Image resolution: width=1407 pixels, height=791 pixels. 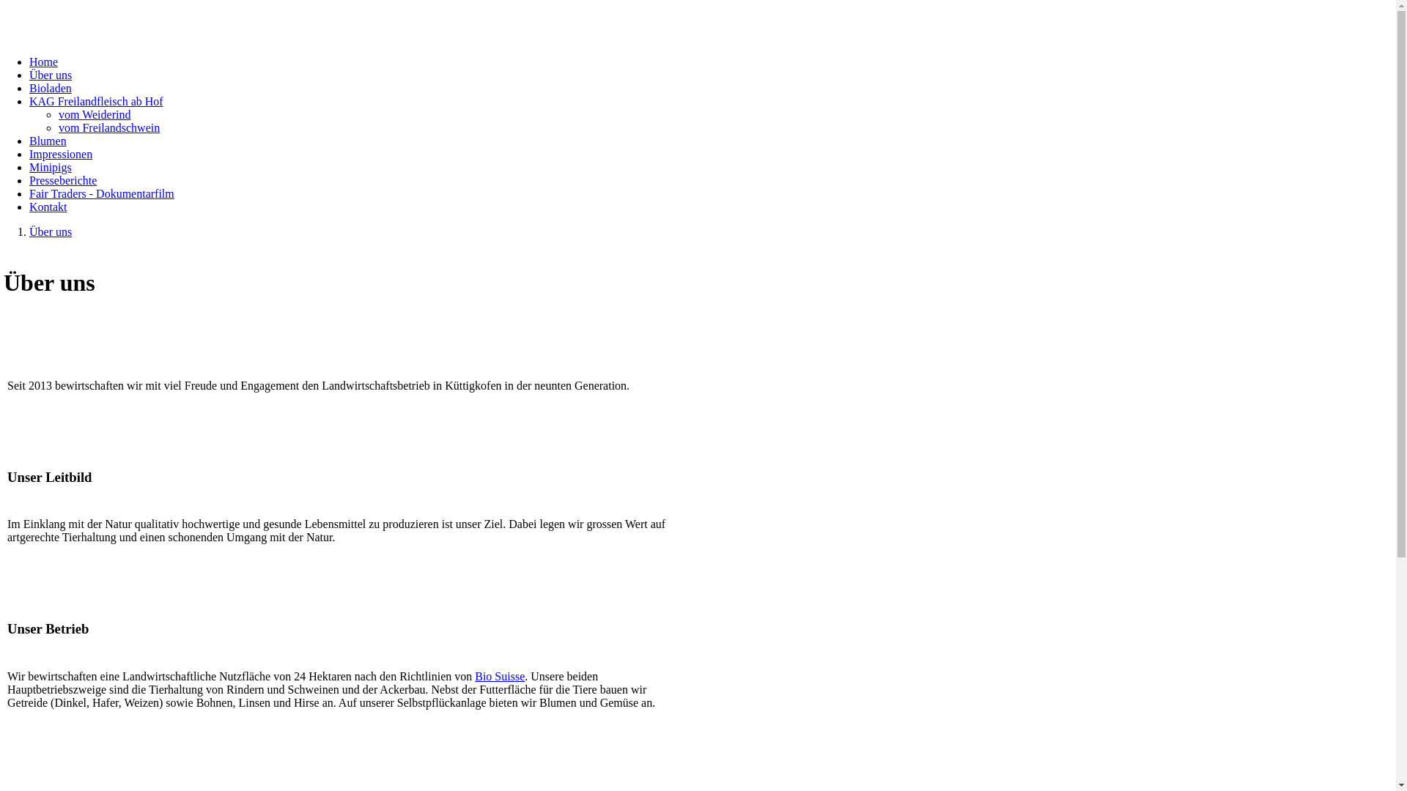 What do you see at coordinates (95, 100) in the screenshot?
I see `'KAG Freilandfleisch ab Hof'` at bounding box center [95, 100].